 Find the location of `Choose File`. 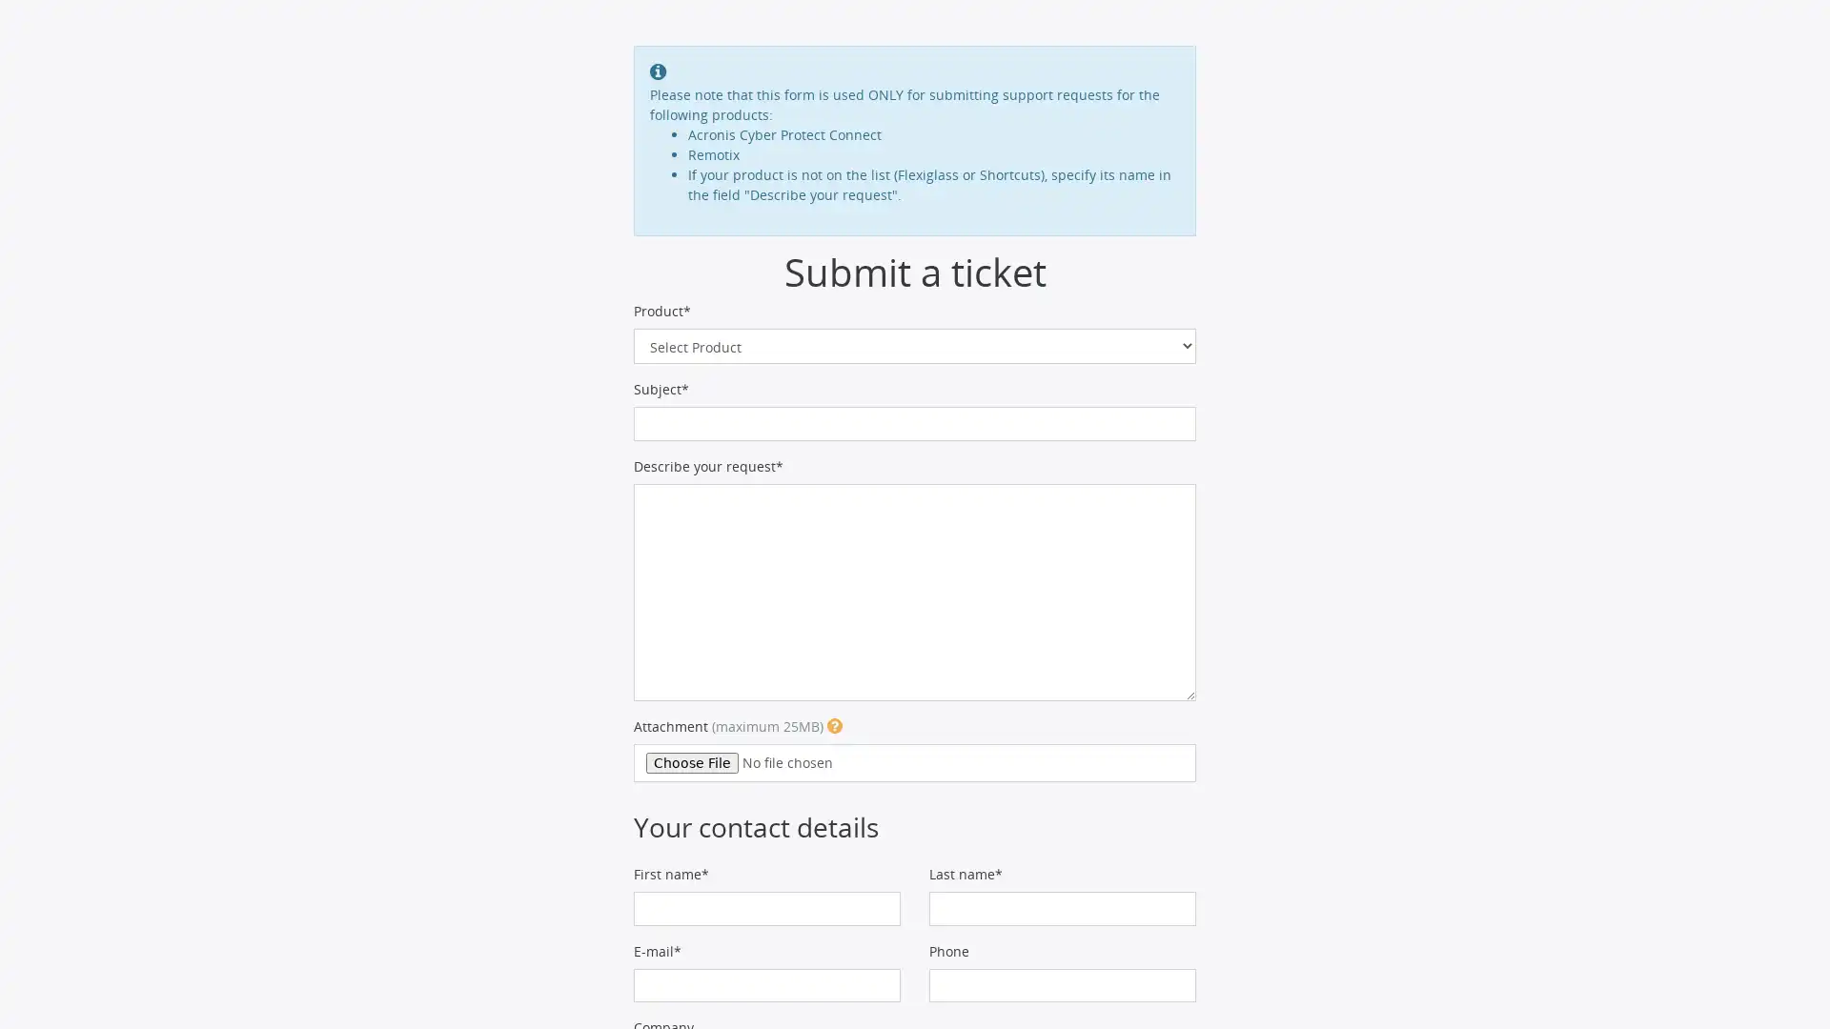

Choose File is located at coordinates (691, 760).